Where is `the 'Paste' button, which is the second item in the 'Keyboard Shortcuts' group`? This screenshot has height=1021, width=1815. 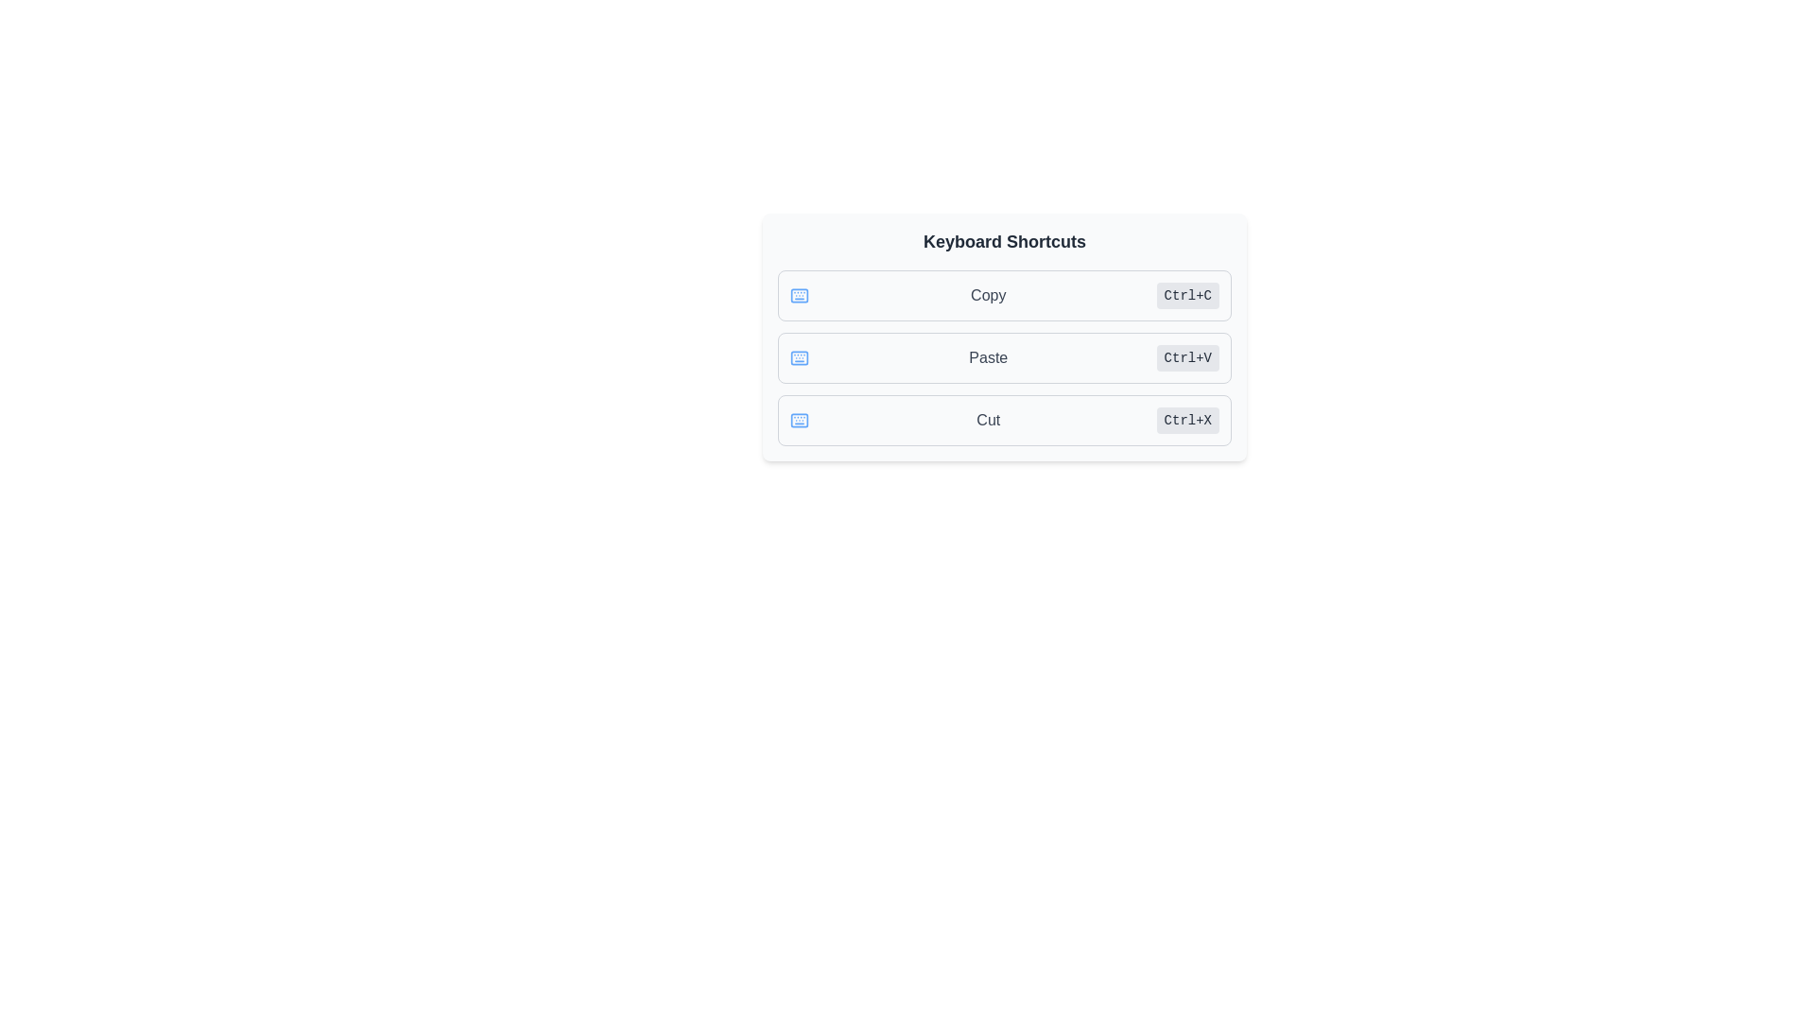
the 'Paste' button, which is the second item in the 'Keyboard Shortcuts' group is located at coordinates (1003, 357).